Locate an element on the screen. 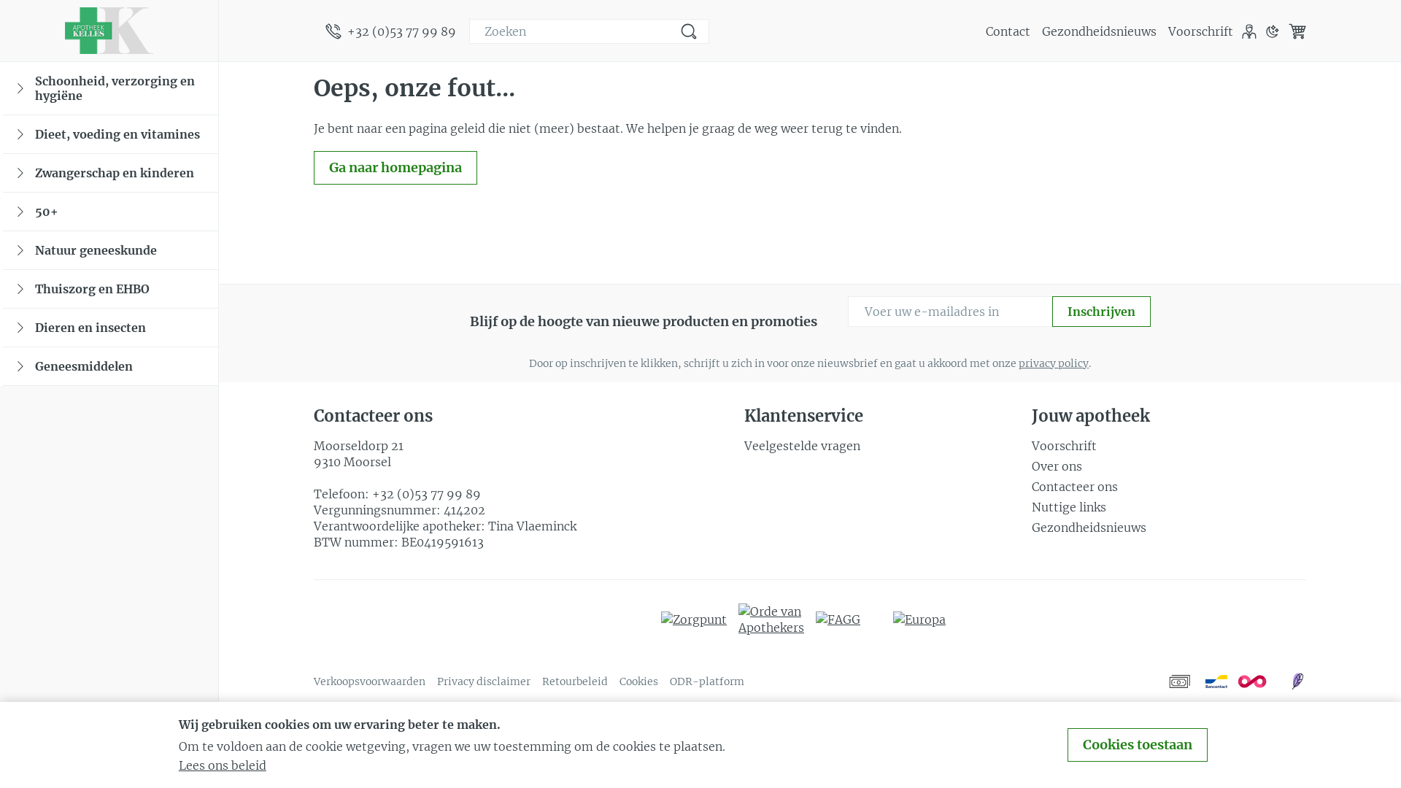 This screenshot has width=1401, height=788. 'Nuttige links' is located at coordinates (1169, 506).